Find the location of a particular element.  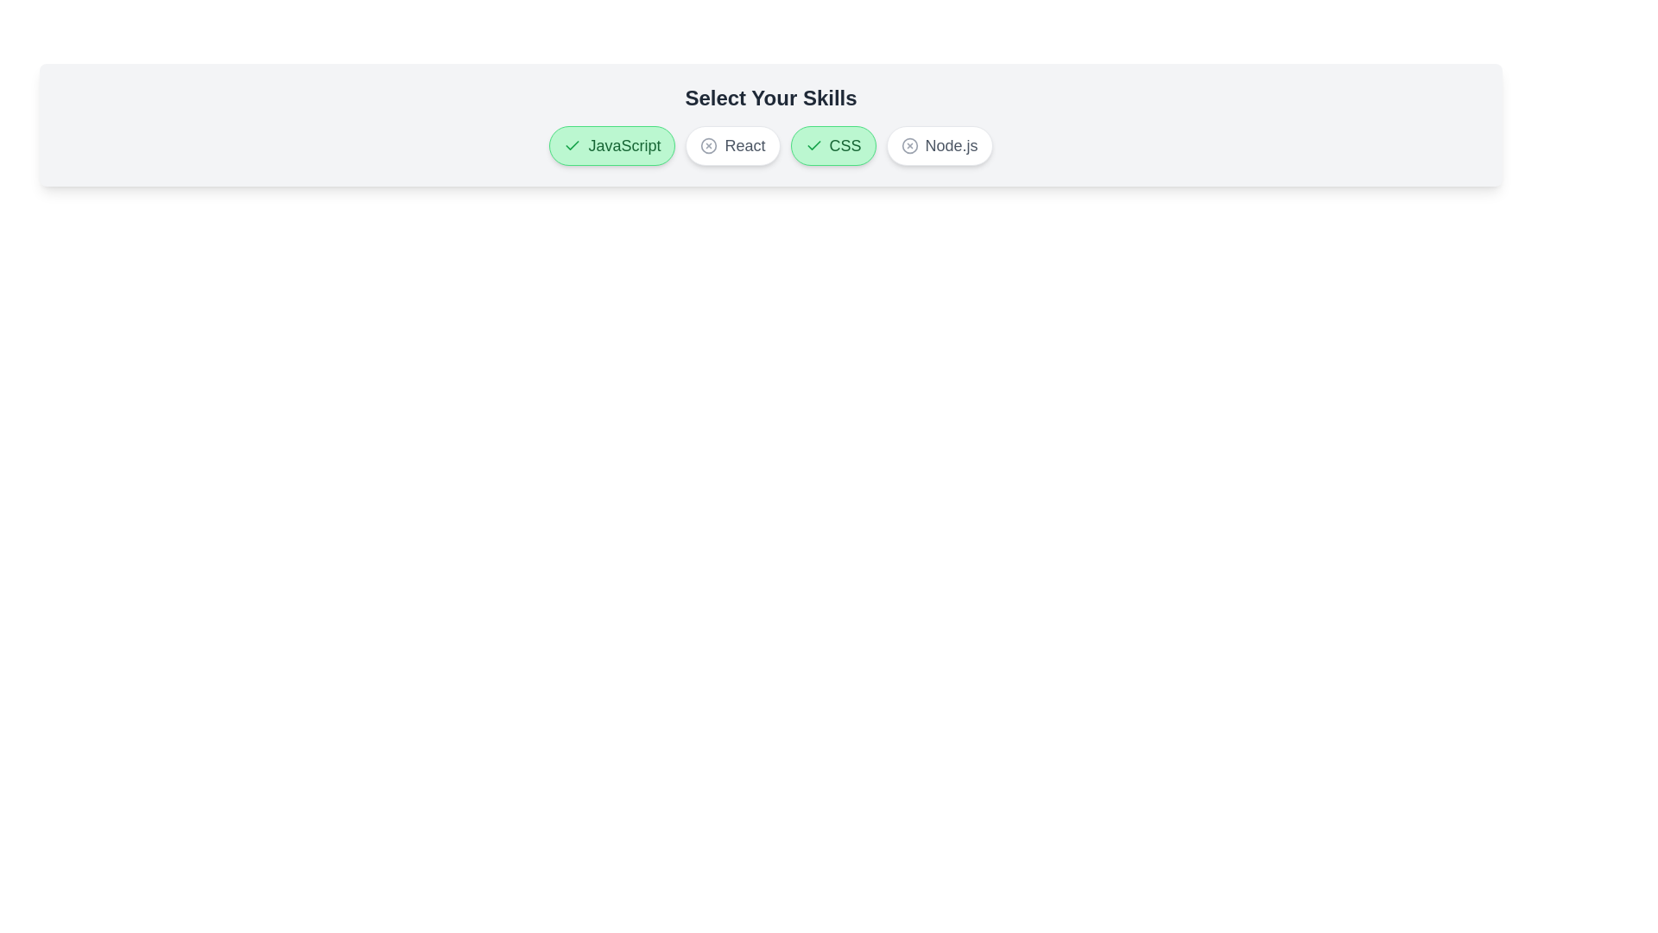

the button labeled JavaScript to observe its hover effect is located at coordinates (612, 145).